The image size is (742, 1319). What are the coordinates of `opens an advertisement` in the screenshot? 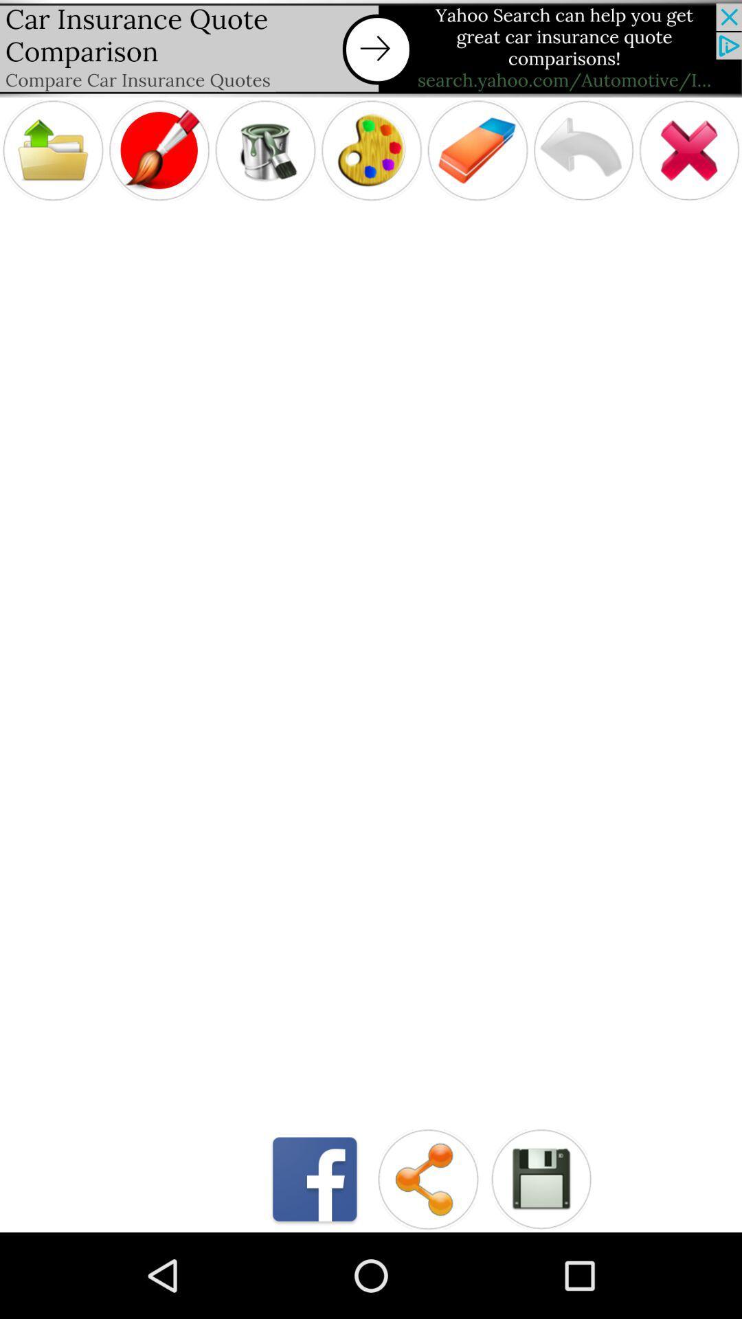 It's located at (371, 48).